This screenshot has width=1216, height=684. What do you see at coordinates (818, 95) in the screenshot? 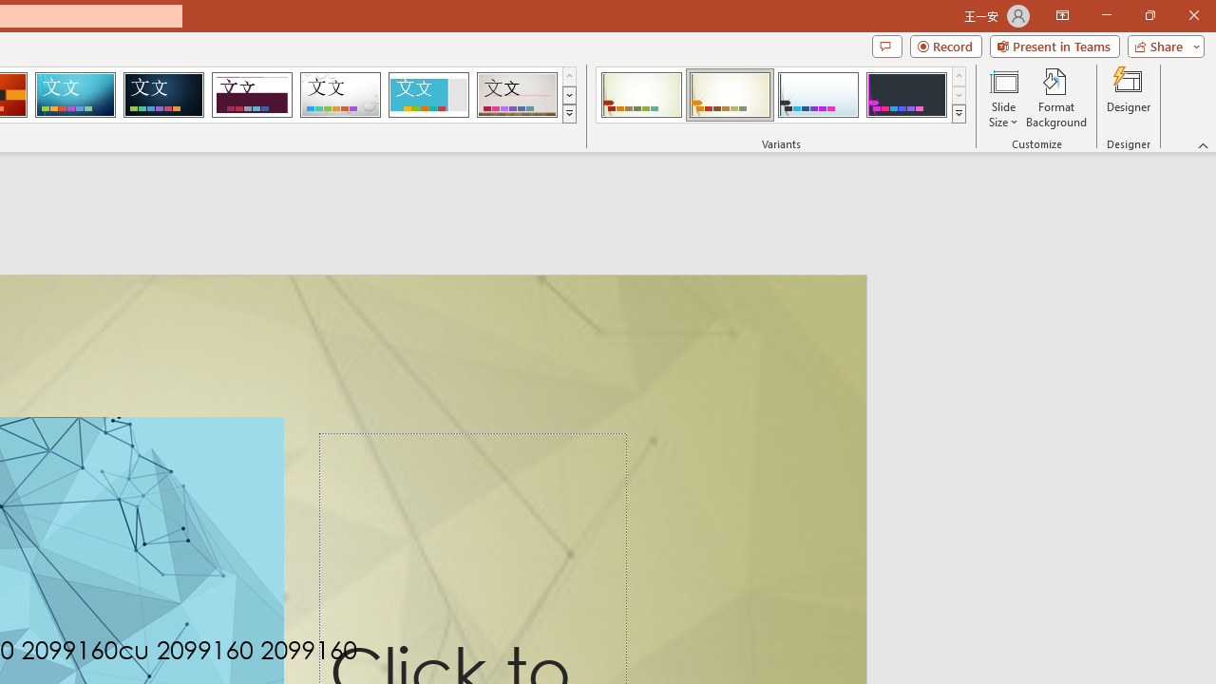
I see `'Wisp Variant 3'` at bounding box center [818, 95].